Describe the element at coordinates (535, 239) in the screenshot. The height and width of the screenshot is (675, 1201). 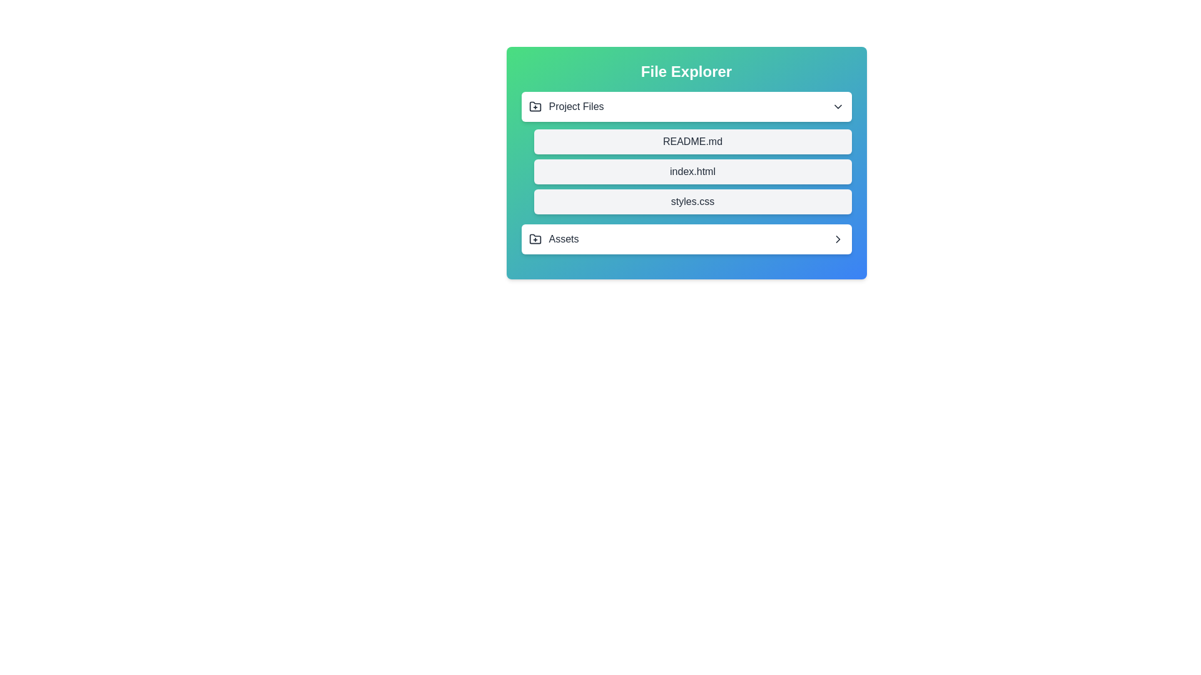
I see `the expandable folder icon` at that location.